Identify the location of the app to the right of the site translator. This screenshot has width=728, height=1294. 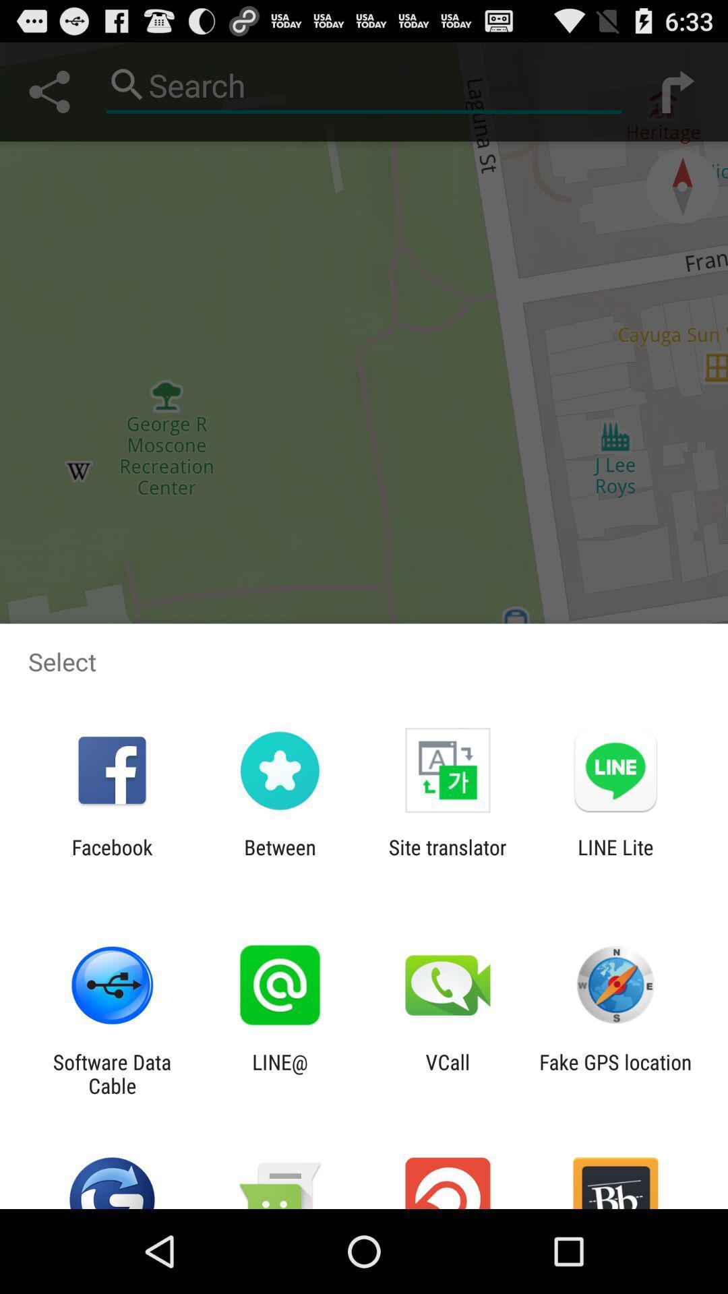
(615, 859).